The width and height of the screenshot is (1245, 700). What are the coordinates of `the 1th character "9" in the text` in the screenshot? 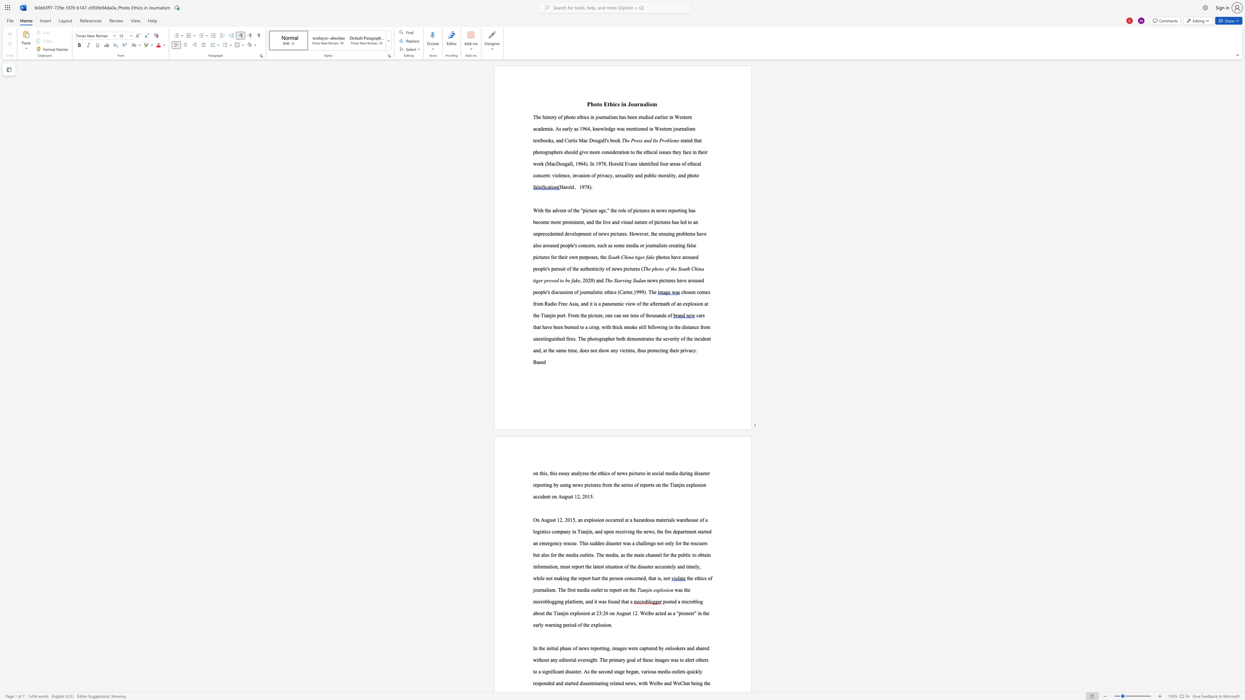 It's located at (582, 187).